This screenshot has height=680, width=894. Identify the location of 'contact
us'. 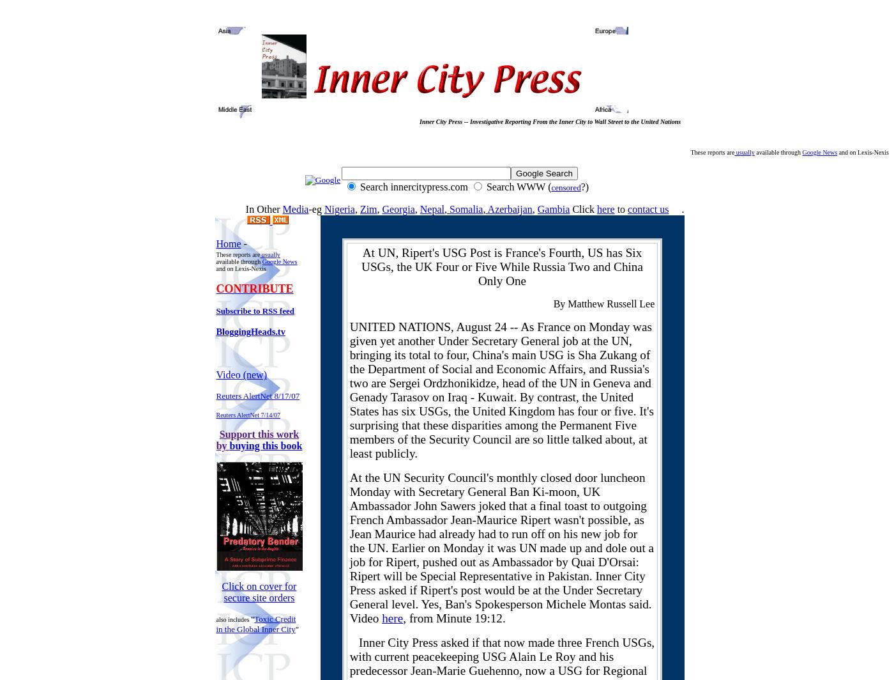
(648, 209).